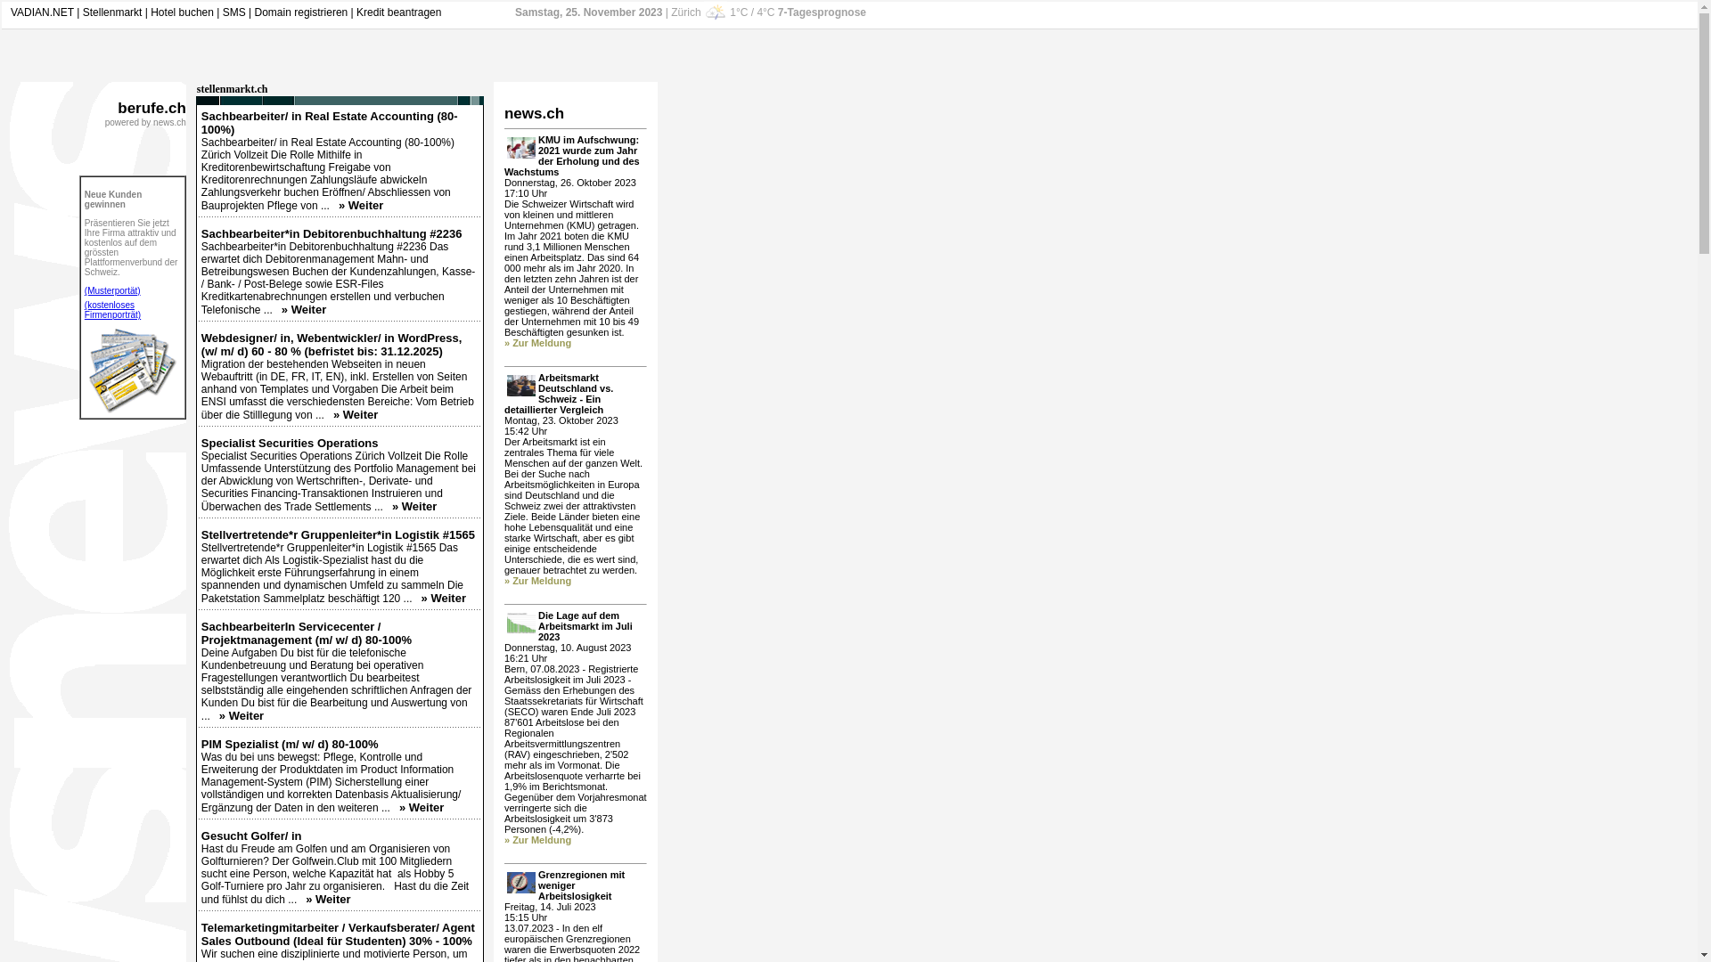 This screenshot has height=962, width=1711. Describe the element at coordinates (537, 885) in the screenshot. I see `'Grenzregionen mit weniger Arbeitslosigkeit'` at that location.